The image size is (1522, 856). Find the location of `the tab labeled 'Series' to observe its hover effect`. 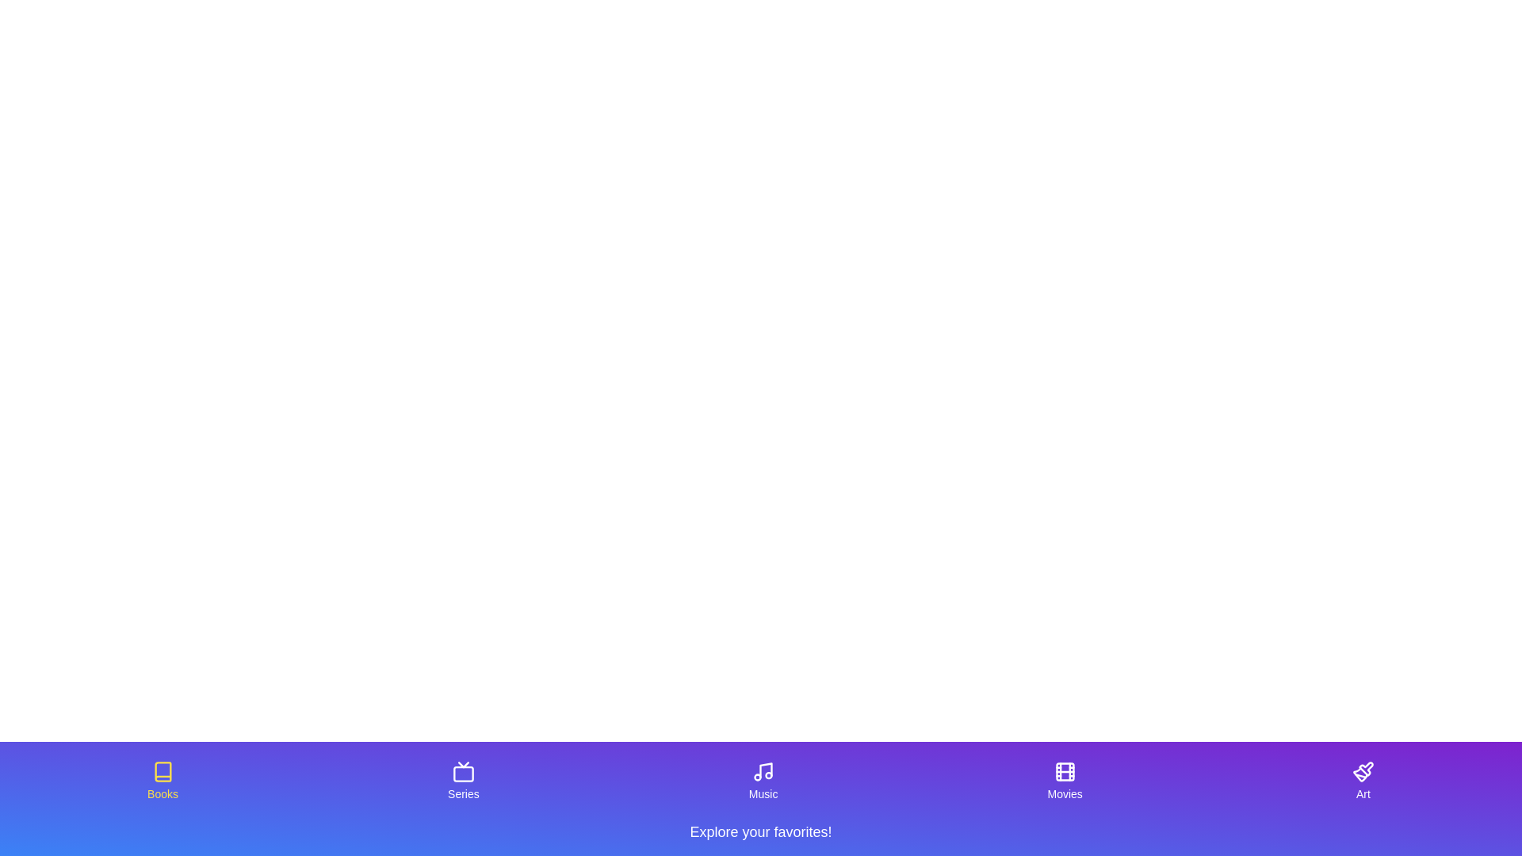

the tab labeled 'Series' to observe its hover effect is located at coordinates (462, 781).